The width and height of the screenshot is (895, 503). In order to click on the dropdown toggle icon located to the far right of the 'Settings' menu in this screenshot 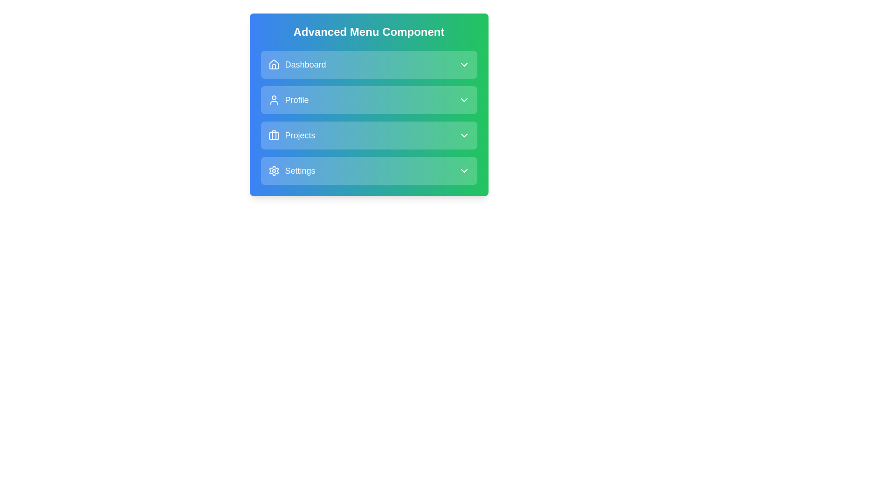, I will do `click(464, 170)`.